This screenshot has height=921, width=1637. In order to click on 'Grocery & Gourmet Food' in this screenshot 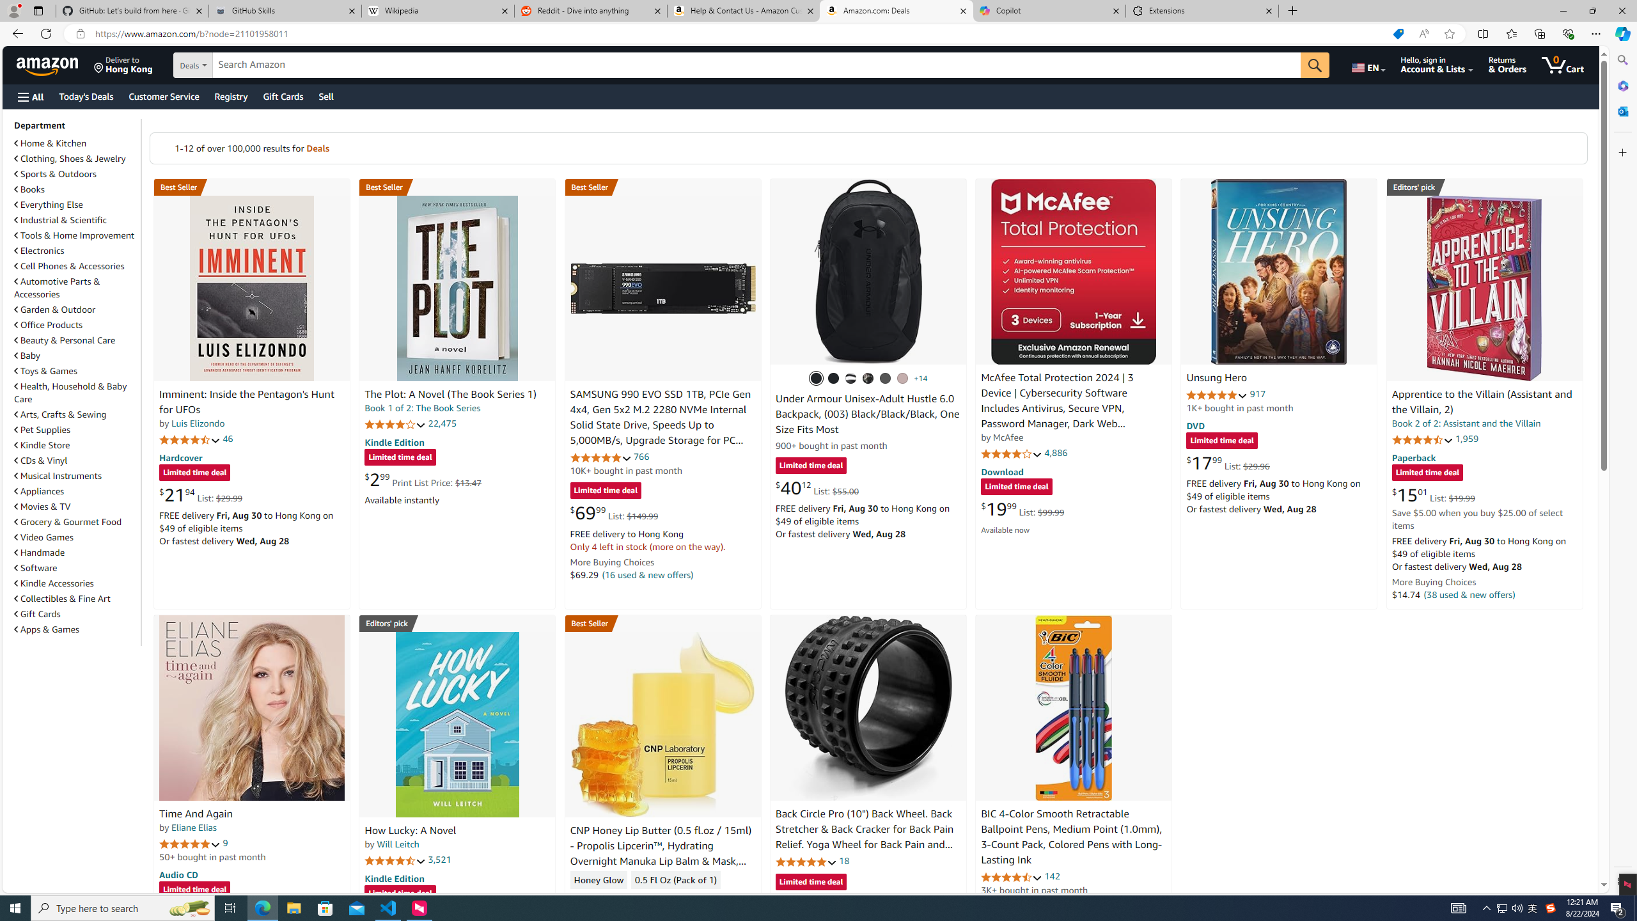, I will do `click(75, 521)`.